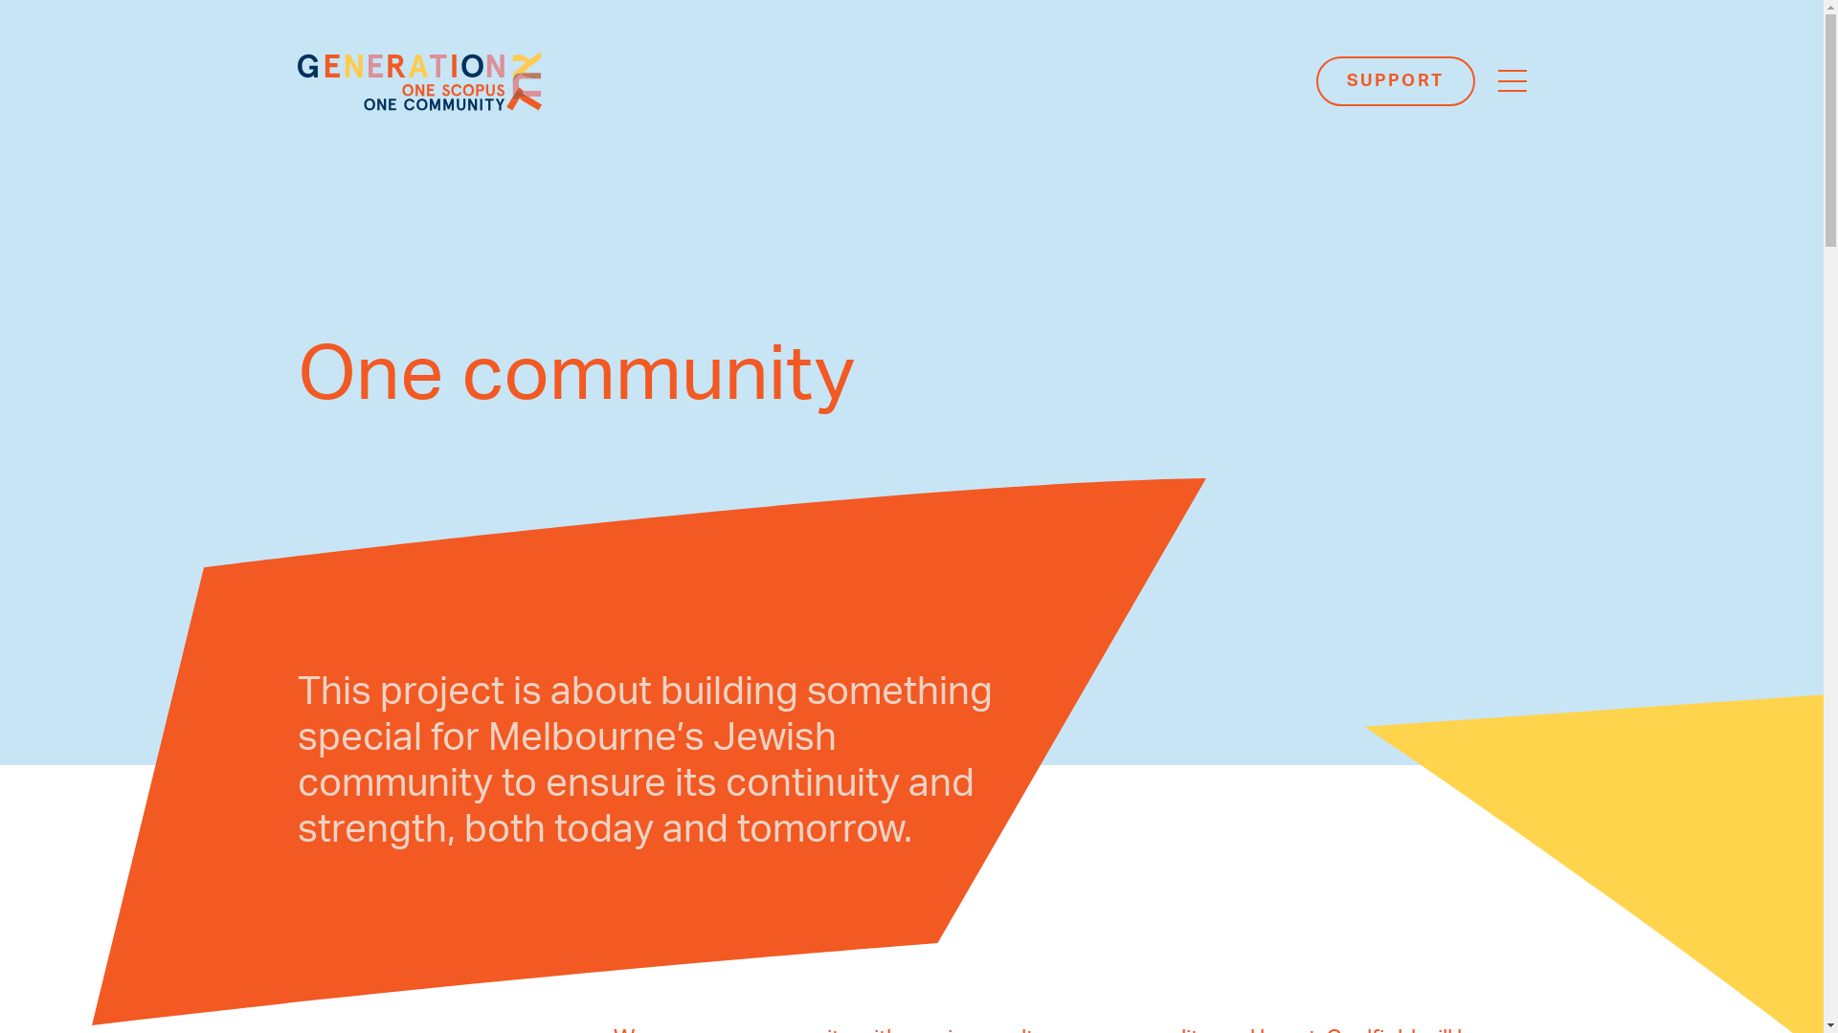 The width and height of the screenshot is (1838, 1033). Describe the element at coordinates (1395, 79) in the screenshot. I see `'SUPPORT'` at that location.